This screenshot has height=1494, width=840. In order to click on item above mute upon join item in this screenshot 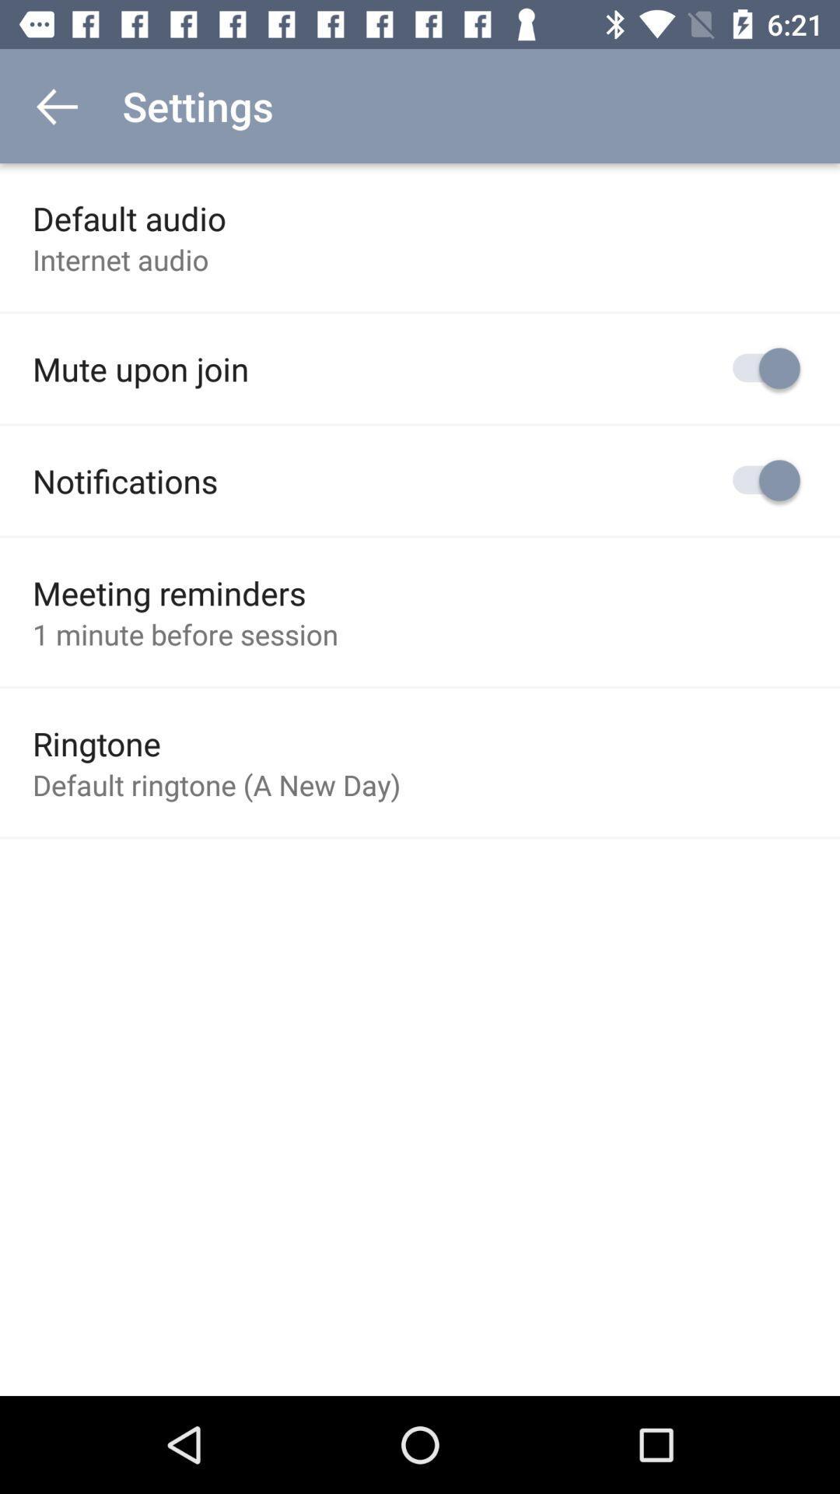, I will do `click(120, 259)`.